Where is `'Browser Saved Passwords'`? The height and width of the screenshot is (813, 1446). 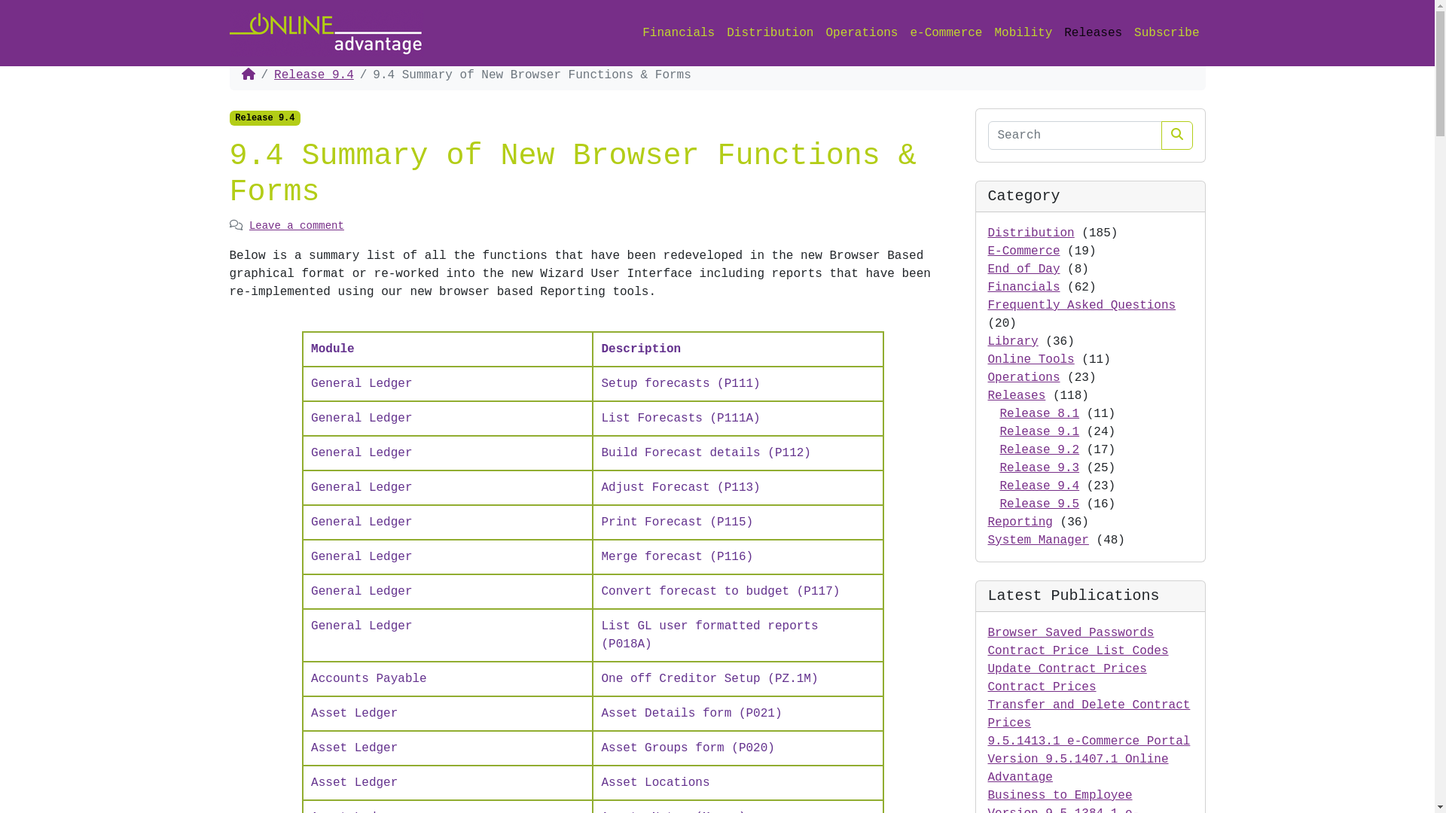
'Browser Saved Passwords' is located at coordinates (1070, 632).